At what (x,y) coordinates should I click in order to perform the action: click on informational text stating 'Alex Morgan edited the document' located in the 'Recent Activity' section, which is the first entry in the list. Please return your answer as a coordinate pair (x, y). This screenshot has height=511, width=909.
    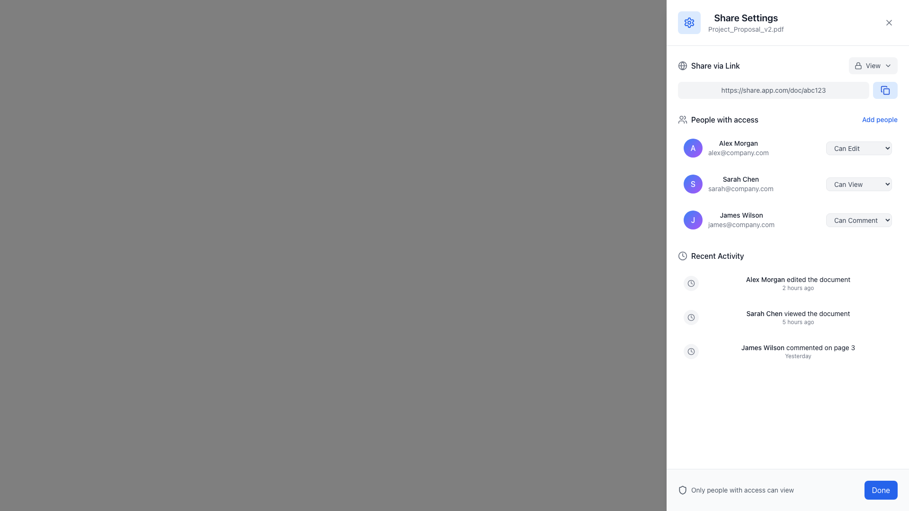
    Looking at the image, I should click on (797, 279).